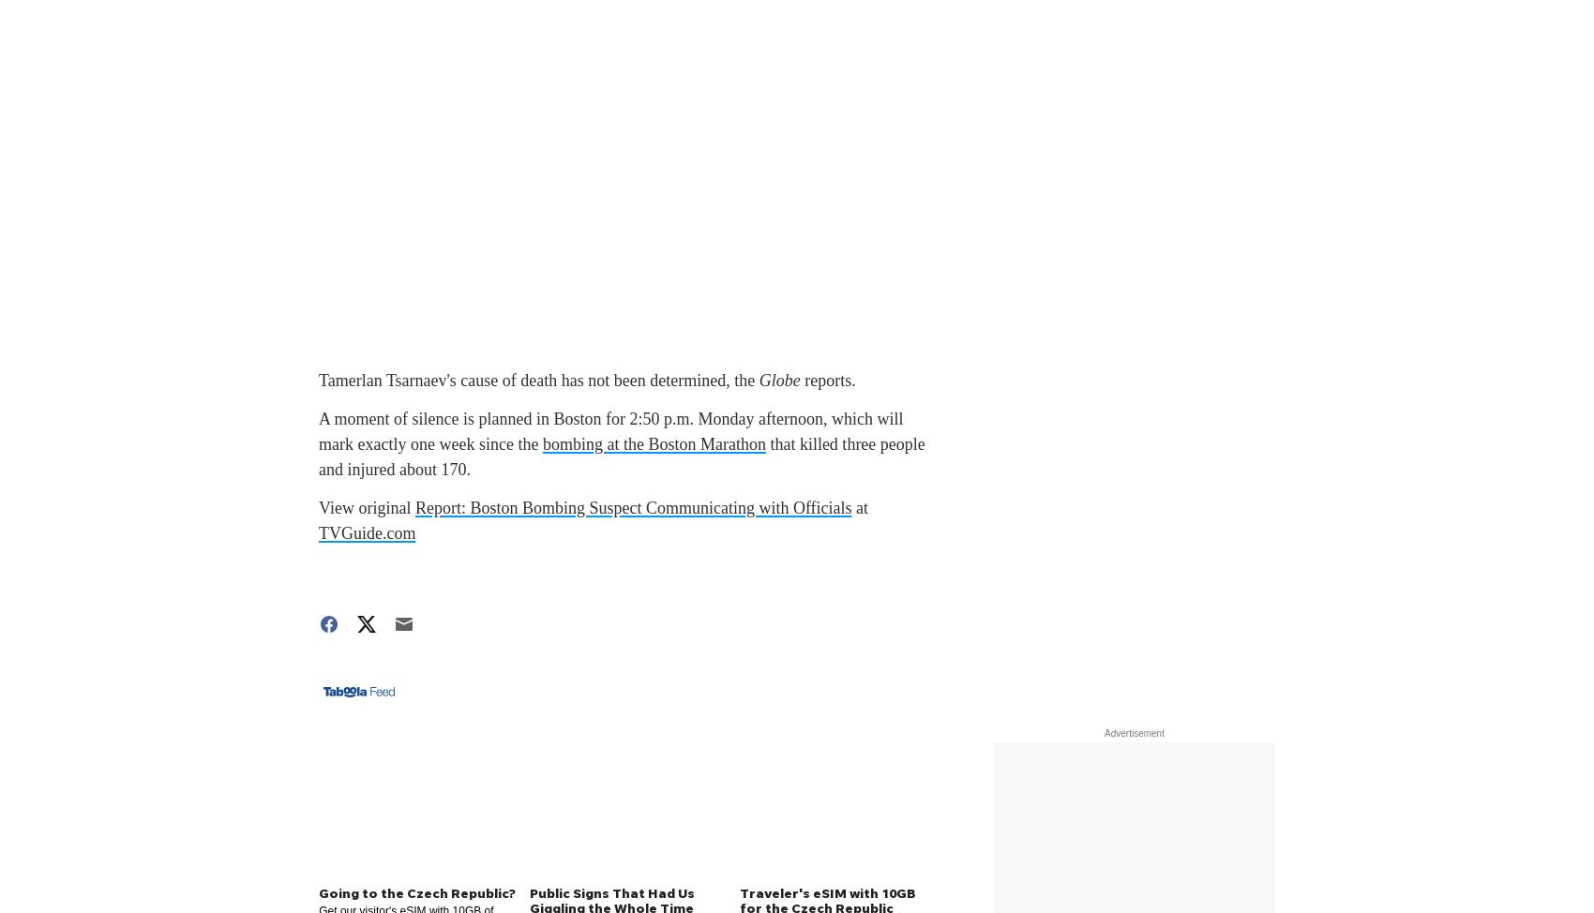 The image size is (1594, 913). What do you see at coordinates (633, 508) in the screenshot?
I see `'Report: Boston Bombing Suspect Communicating with Officials'` at bounding box center [633, 508].